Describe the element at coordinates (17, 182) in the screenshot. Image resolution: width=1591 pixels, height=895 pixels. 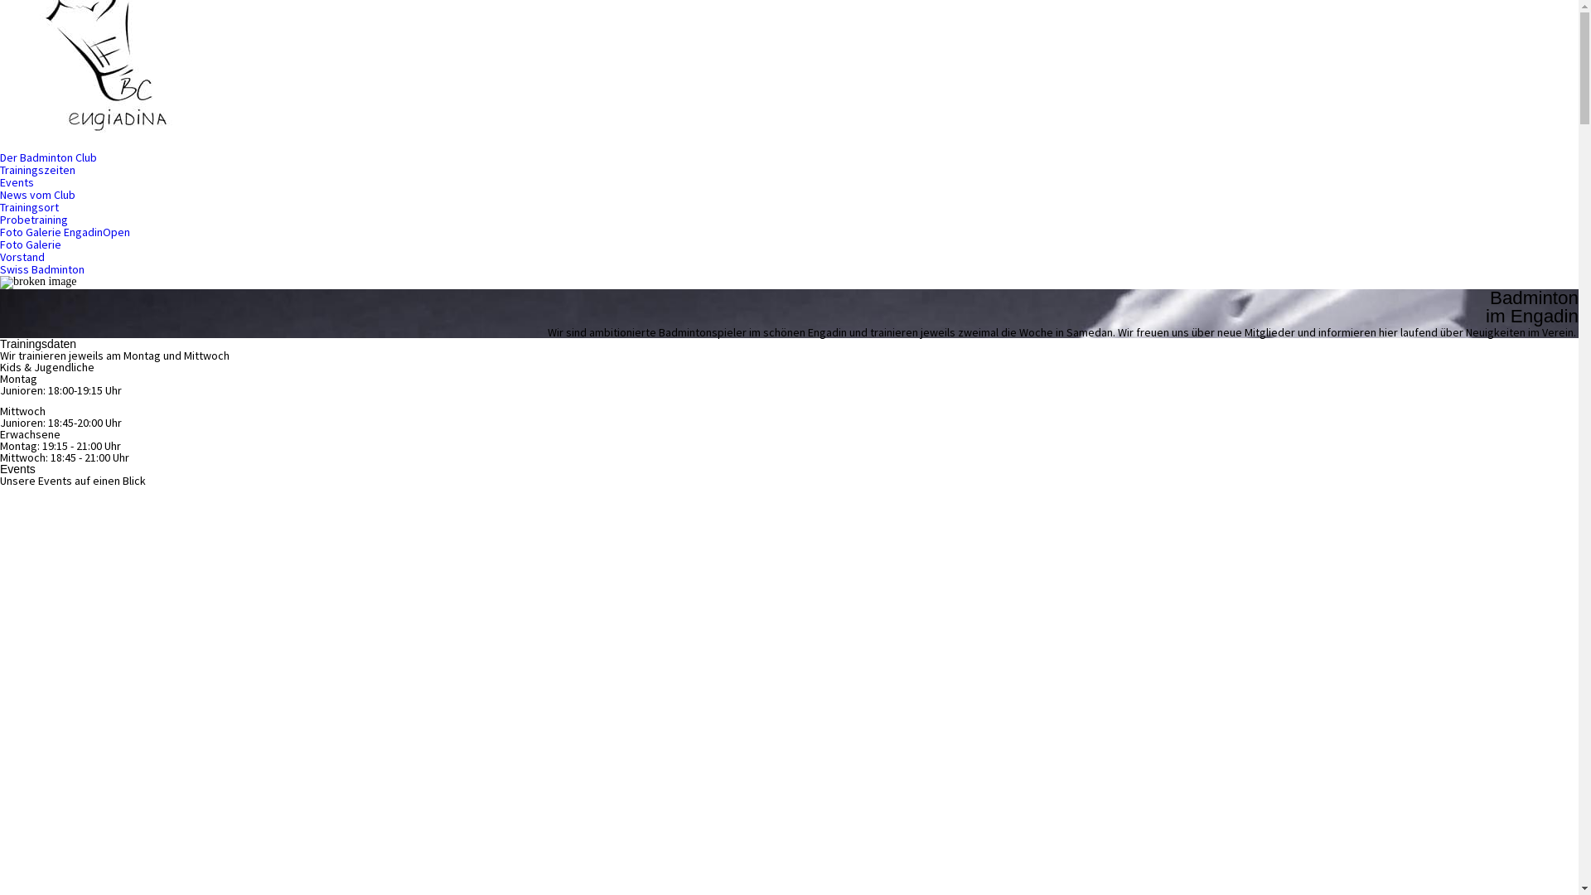
I see `'Events'` at that location.